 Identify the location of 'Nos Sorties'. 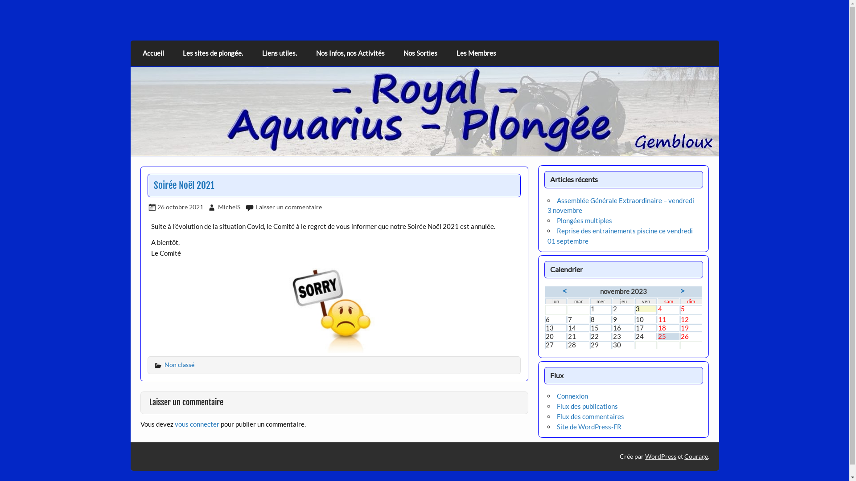
(420, 53).